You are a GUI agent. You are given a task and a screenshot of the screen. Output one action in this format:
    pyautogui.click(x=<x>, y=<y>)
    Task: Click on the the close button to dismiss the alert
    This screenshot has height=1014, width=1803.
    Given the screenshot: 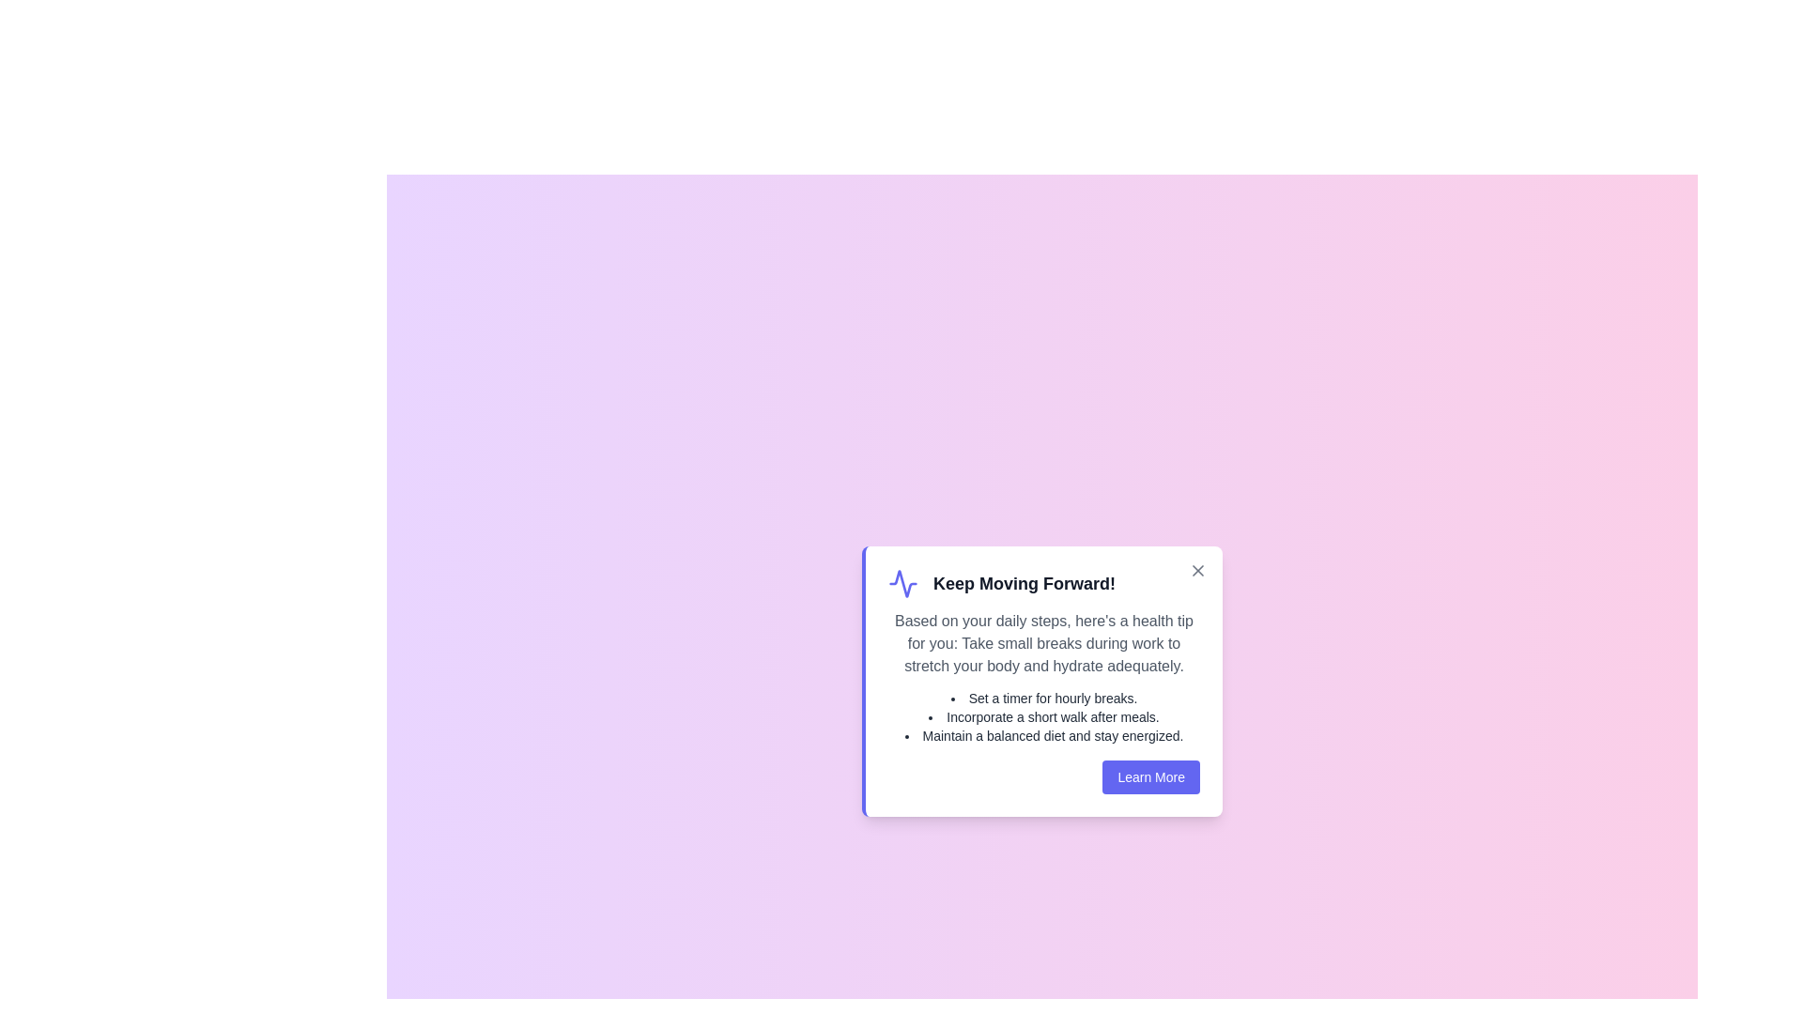 What is the action you would take?
    pyautogui.click(x=1197, y=570)
    